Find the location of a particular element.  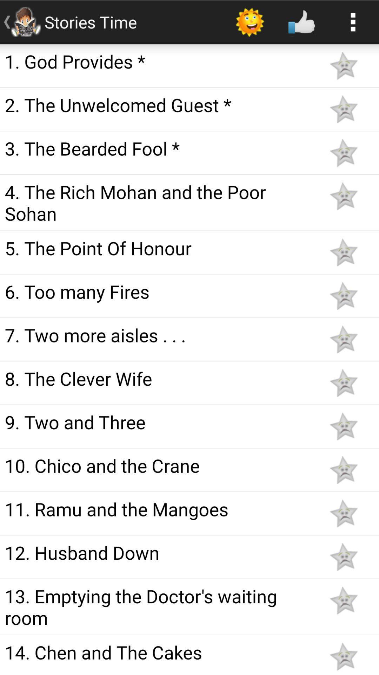

icon above 13 emptying the app is located at coordinates (159, 552).